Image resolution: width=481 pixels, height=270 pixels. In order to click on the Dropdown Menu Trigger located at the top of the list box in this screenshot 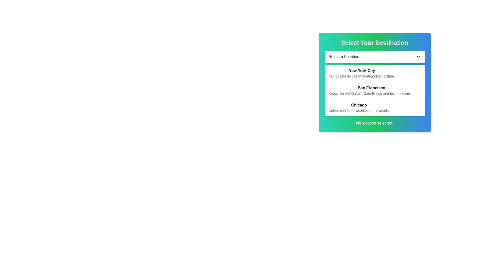, I will do `click(375, 56)`.